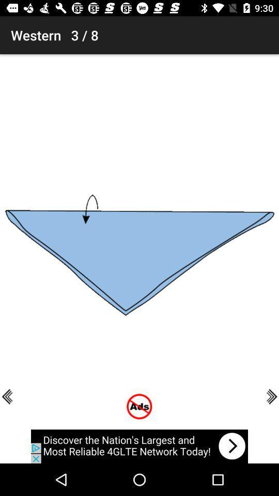 This screenshot has width=279, height=496. I want to click on discover the nation 's largest and most reliable 4glte network today, so click(139, 446).